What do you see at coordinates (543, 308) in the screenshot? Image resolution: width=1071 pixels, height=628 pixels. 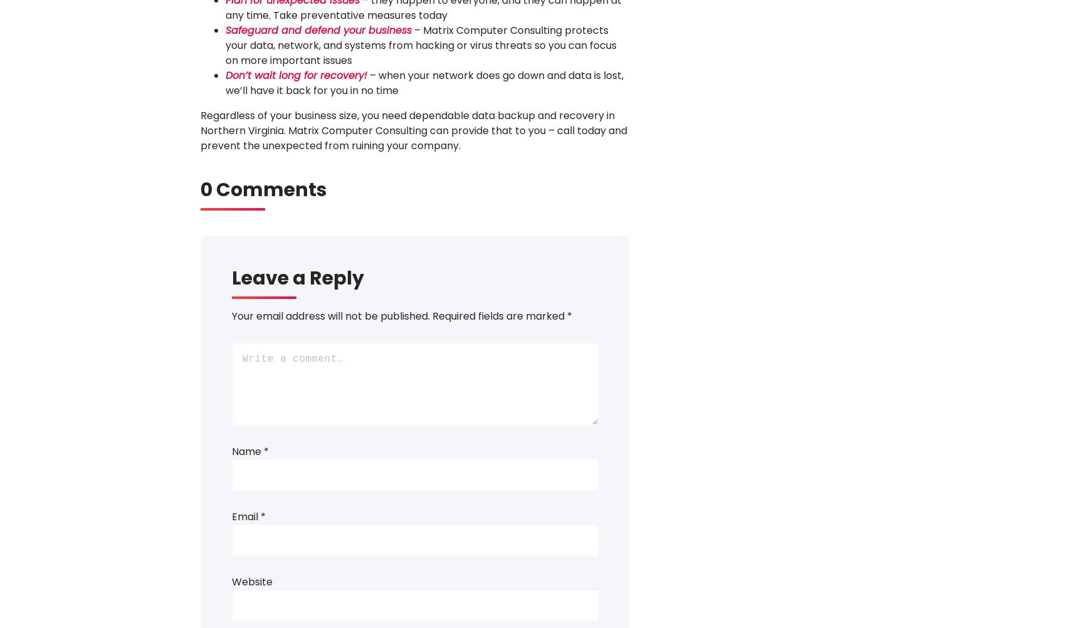 I see `'info@matrixcc.net'` at bounding box center [543, 308].